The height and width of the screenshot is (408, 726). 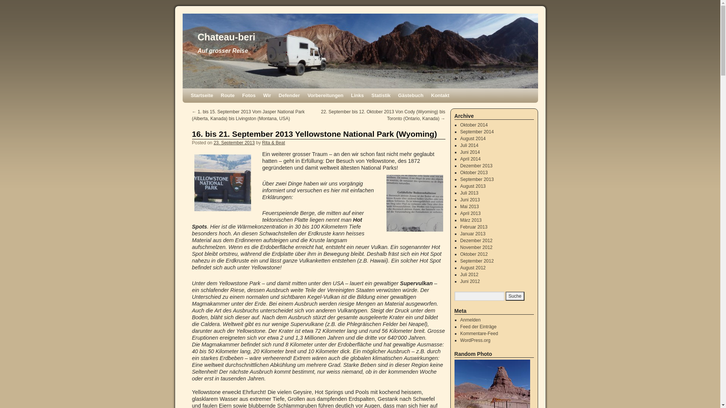 What do you see at coordinates (460, 165) in the screenshot?
I see `'Dezember 2013'` at bounding box center [460, 165].